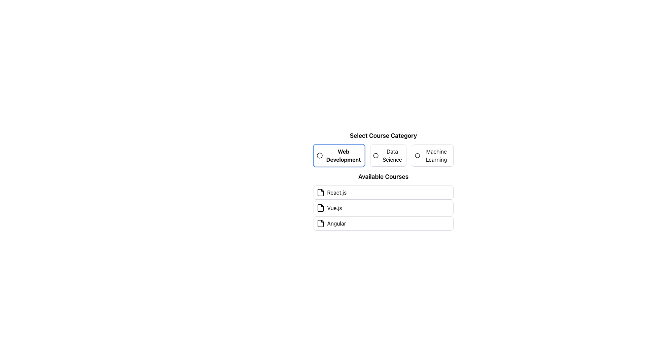 Image resolution: width=646 pixels, height=363 pixels. I want to click on the circular icon with a thin black outline located to the left of the text 'Data Science' in the interface, so click(375, 155).